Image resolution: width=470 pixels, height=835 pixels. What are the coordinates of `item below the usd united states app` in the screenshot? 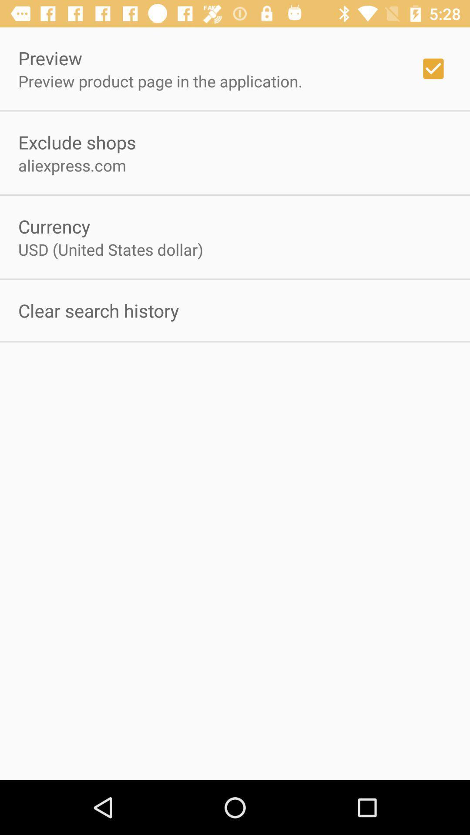 It's located at (98, 311).